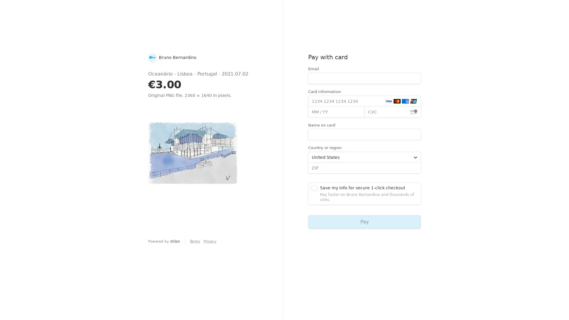  What do you see at coordinates (364, 222) in the screenshot?
I see `Pay` at bounding box center [364, 222].